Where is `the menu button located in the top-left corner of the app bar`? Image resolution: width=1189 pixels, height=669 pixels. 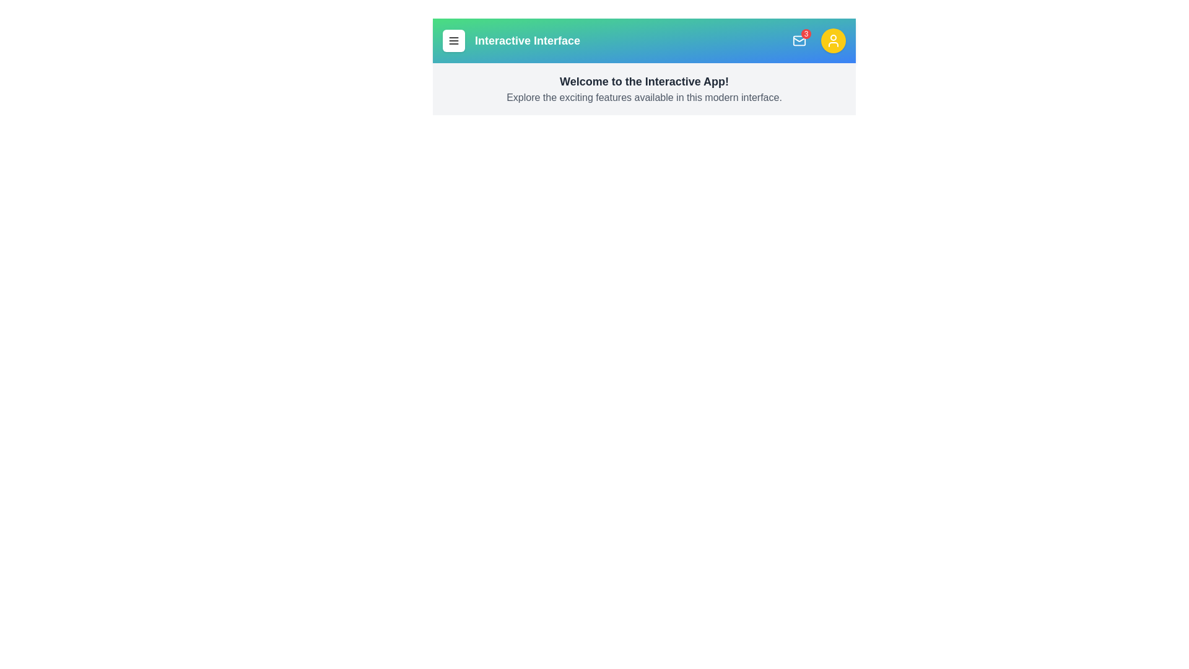
the menu button located in the top-left corner of the app bar is located at coordinates (453, 40).